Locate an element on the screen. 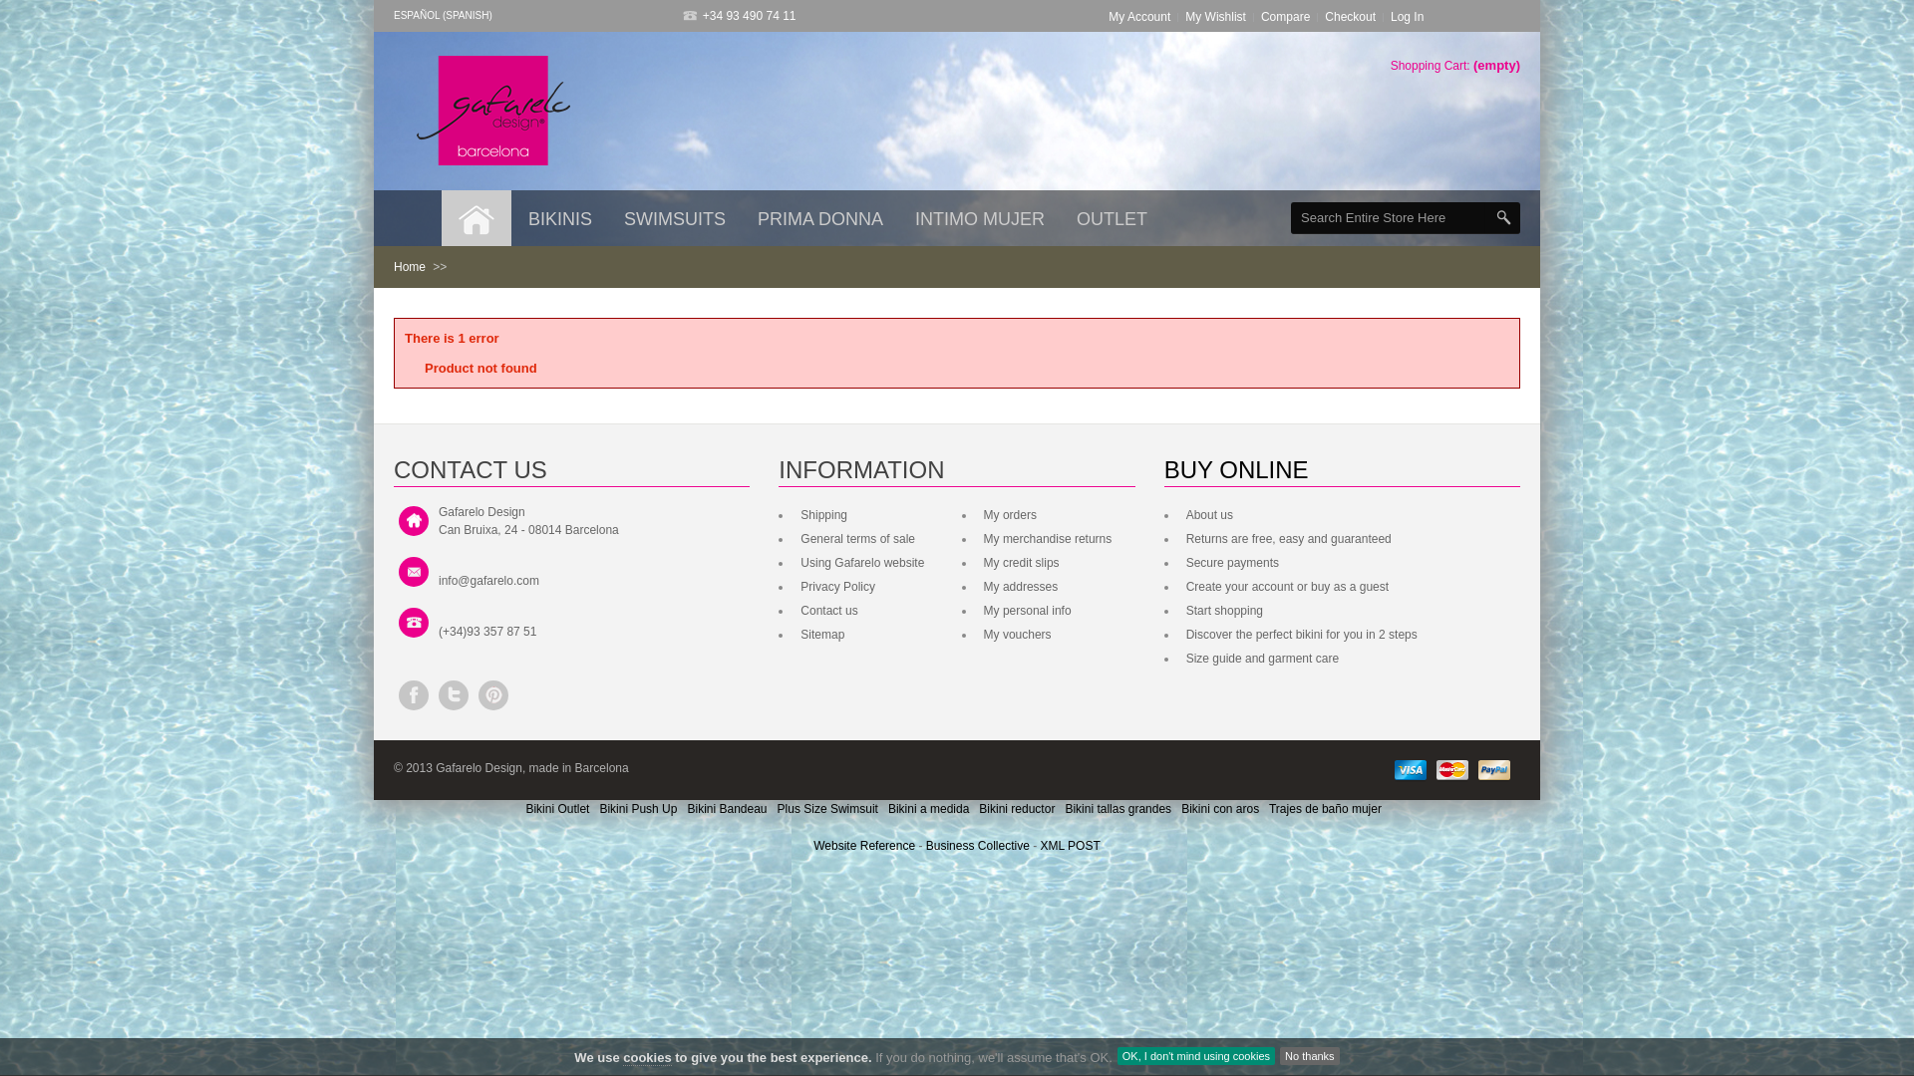 The width and height of the screenshot is (1914, 1076). 'Checkout' is located at coordinates (1350, 16).